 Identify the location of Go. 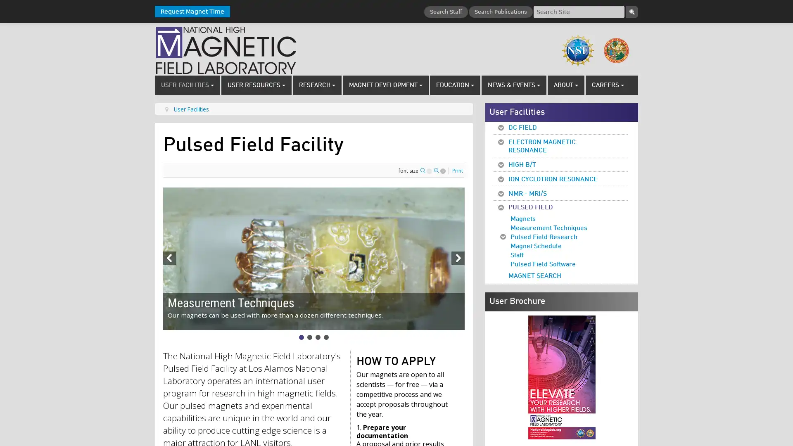
(632, 12).